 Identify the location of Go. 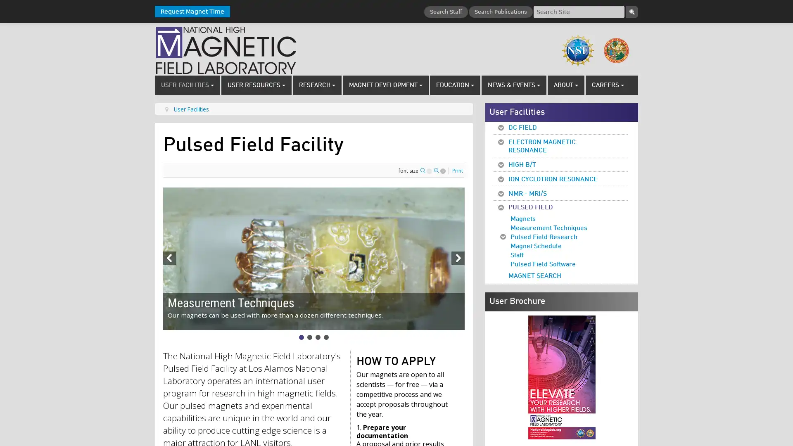
(632, 12).